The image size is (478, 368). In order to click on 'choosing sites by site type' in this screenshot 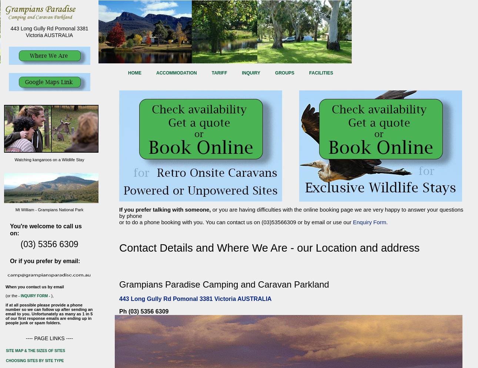, I will do `click(34, 361)`.